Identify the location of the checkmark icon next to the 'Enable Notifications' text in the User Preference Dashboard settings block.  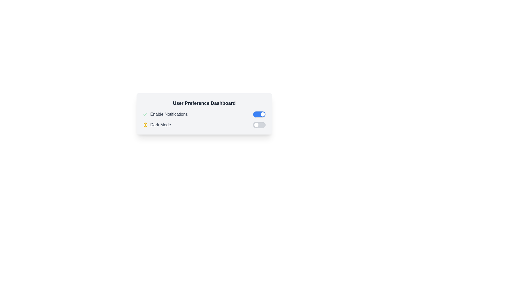
(146, 114).